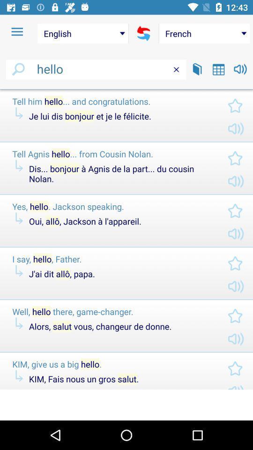 The height and width of the screenshot is (450, 253). What do you see at coordinates (120, 115) in the screenshot?
I see `icon below the tell him hello icon` at bounding box center [120, 115].